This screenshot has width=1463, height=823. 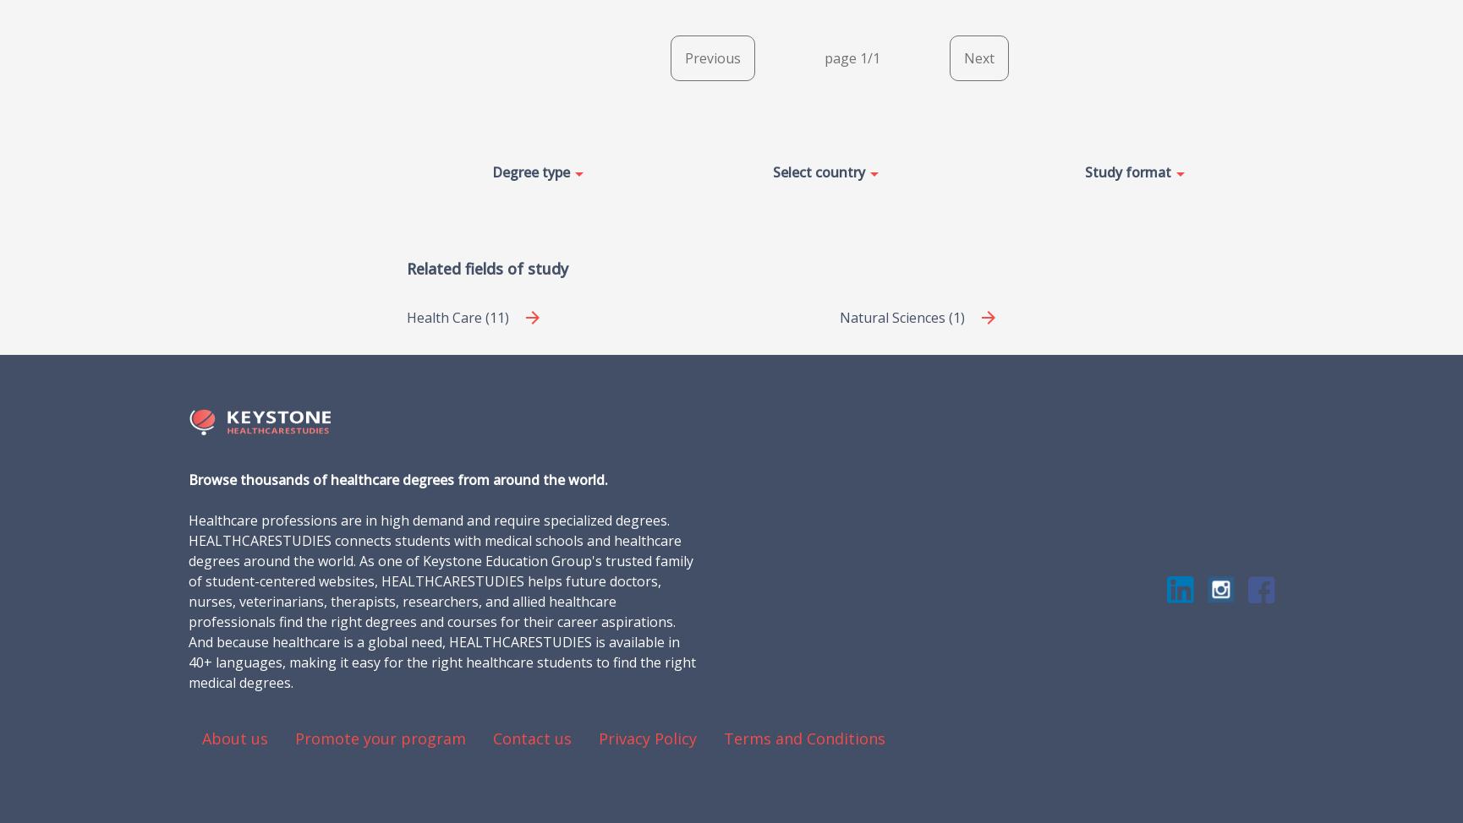 What do you see at coordinates (841, 57) in the screenshot?
I see `'page'` at bounding box center [841, 57].